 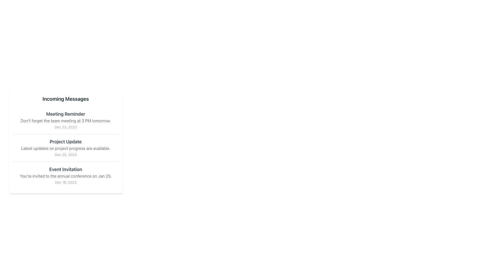 I want to click on date displayed in the text label indicating the date associated with the 'Project Update' notification, which is located below the header 'Project Update', so click(x=65, y=154).